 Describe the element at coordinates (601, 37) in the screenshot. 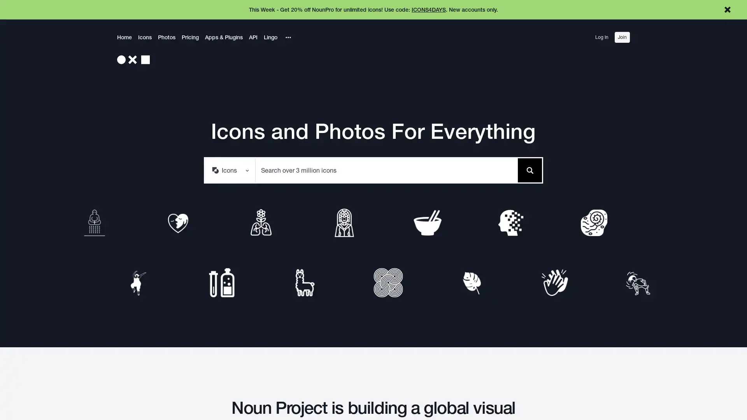

I see `Log In` at that location.